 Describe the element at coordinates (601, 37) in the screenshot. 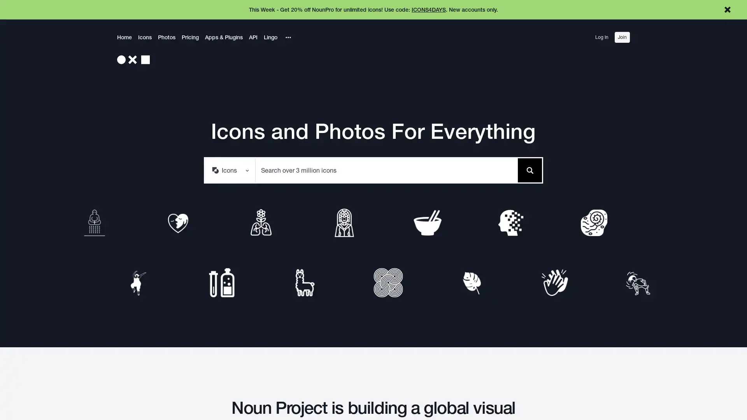

I see `Log In` at that location.